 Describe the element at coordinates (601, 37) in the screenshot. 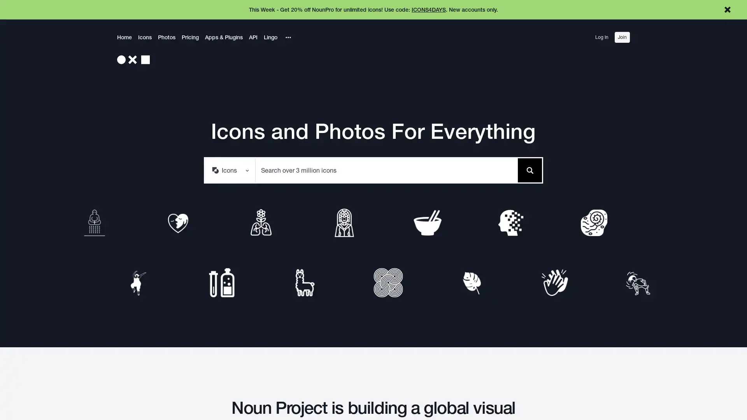

I see `Log In` at that location.